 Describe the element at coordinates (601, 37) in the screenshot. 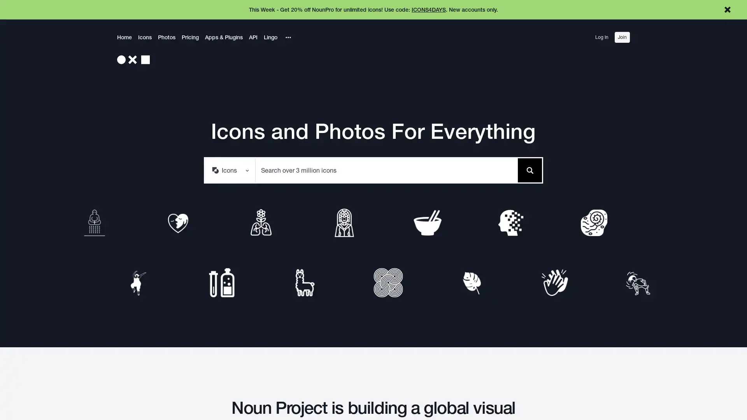

I see `Log In` at that location.